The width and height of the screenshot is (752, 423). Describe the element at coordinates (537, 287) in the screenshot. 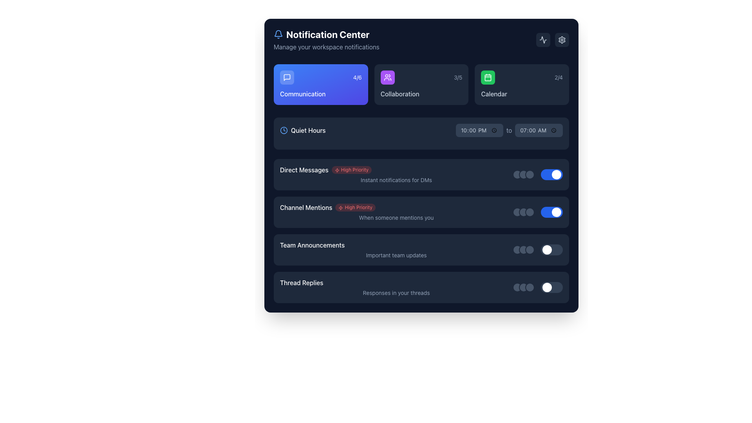

I see `the larger white circular toggle switch at the rightmost side of the 'Thread Replies' group in the 'Notification Center' to switch it on/off` at that location.